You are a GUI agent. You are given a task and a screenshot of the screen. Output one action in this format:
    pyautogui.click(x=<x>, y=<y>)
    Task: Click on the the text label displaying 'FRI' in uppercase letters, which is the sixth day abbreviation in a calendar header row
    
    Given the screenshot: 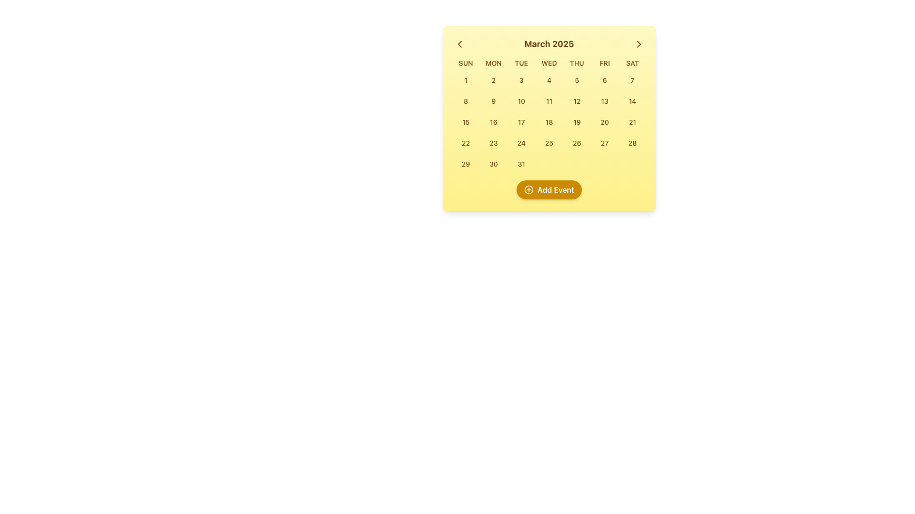 What is the action you would take?
    pyautogui.click(x=604, y=63)
    